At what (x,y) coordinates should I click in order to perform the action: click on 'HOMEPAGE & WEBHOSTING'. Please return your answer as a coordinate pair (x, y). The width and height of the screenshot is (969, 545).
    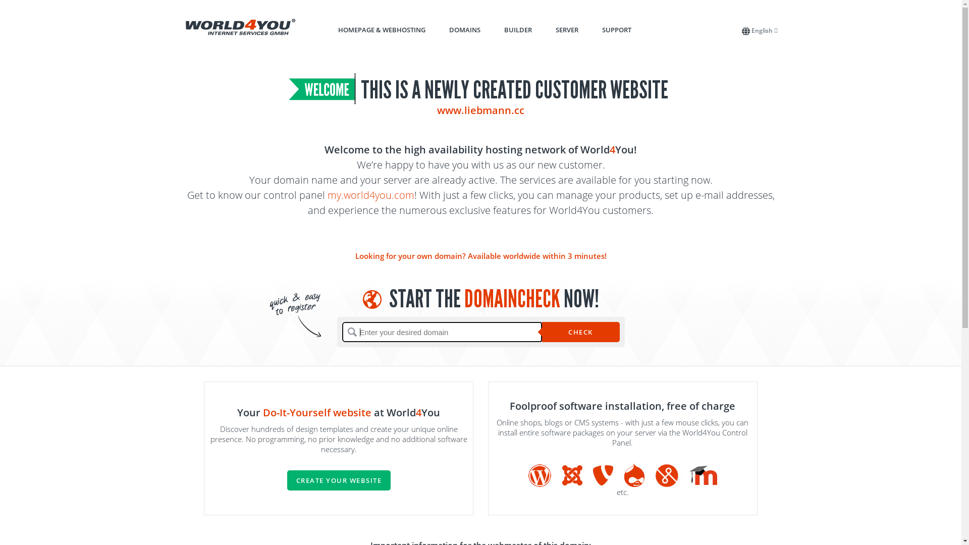
    Looking at the image, I should click on (338, 29).